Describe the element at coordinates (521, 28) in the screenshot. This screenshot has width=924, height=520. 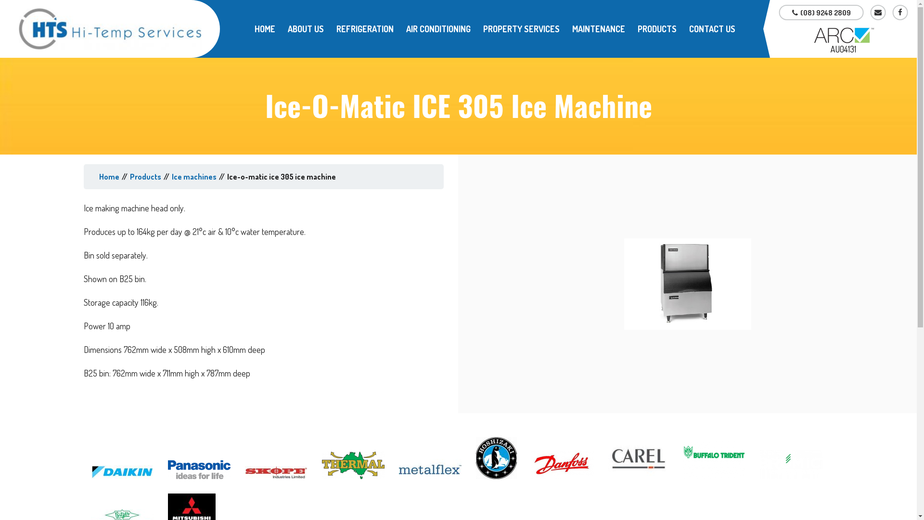
I see `'PROPERTY SERVICES'` at that location.